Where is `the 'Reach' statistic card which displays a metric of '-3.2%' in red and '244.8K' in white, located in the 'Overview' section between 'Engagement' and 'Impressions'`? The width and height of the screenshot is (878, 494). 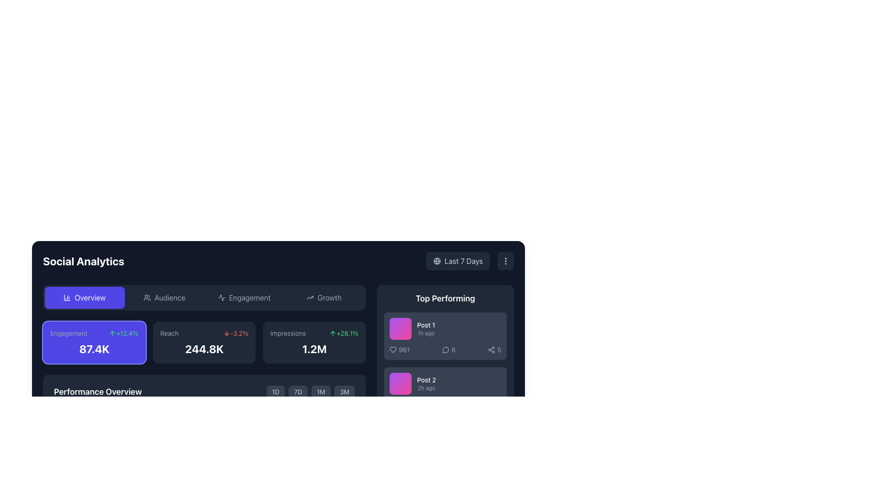
the 'Reach' statistic card which displays a metric of '-3.2%' in red and '244.8K' in white, located in the 'Overview' section between 'Engagement' and 'Impressions' is located at coordinates (203, 342).